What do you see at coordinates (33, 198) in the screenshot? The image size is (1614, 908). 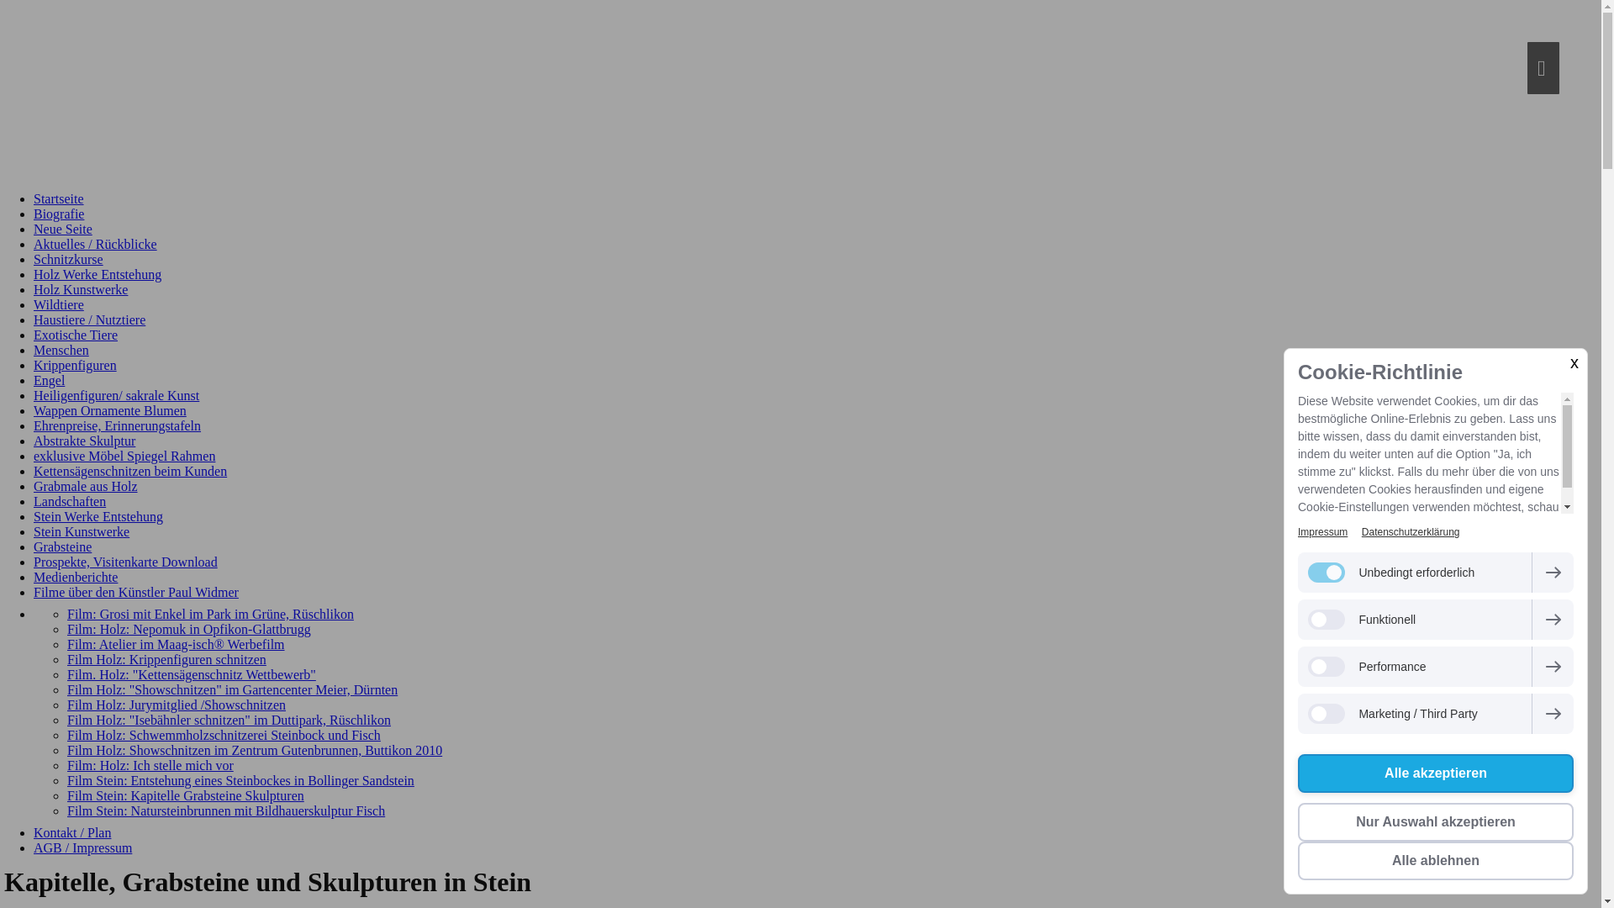 I see `'Startseite'` at bounding box center [33, 198].